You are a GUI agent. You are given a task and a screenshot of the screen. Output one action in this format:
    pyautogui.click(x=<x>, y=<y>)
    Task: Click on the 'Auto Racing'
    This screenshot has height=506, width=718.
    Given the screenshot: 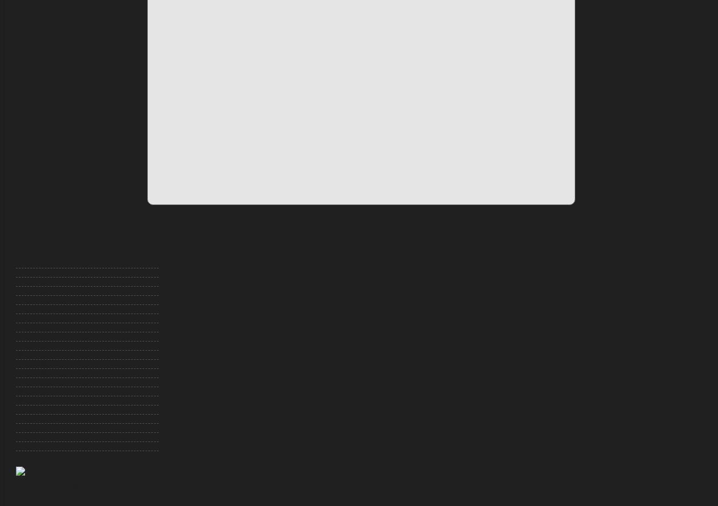 What is the action you would take?
    pyautogui.click(x=34, y=263)
    